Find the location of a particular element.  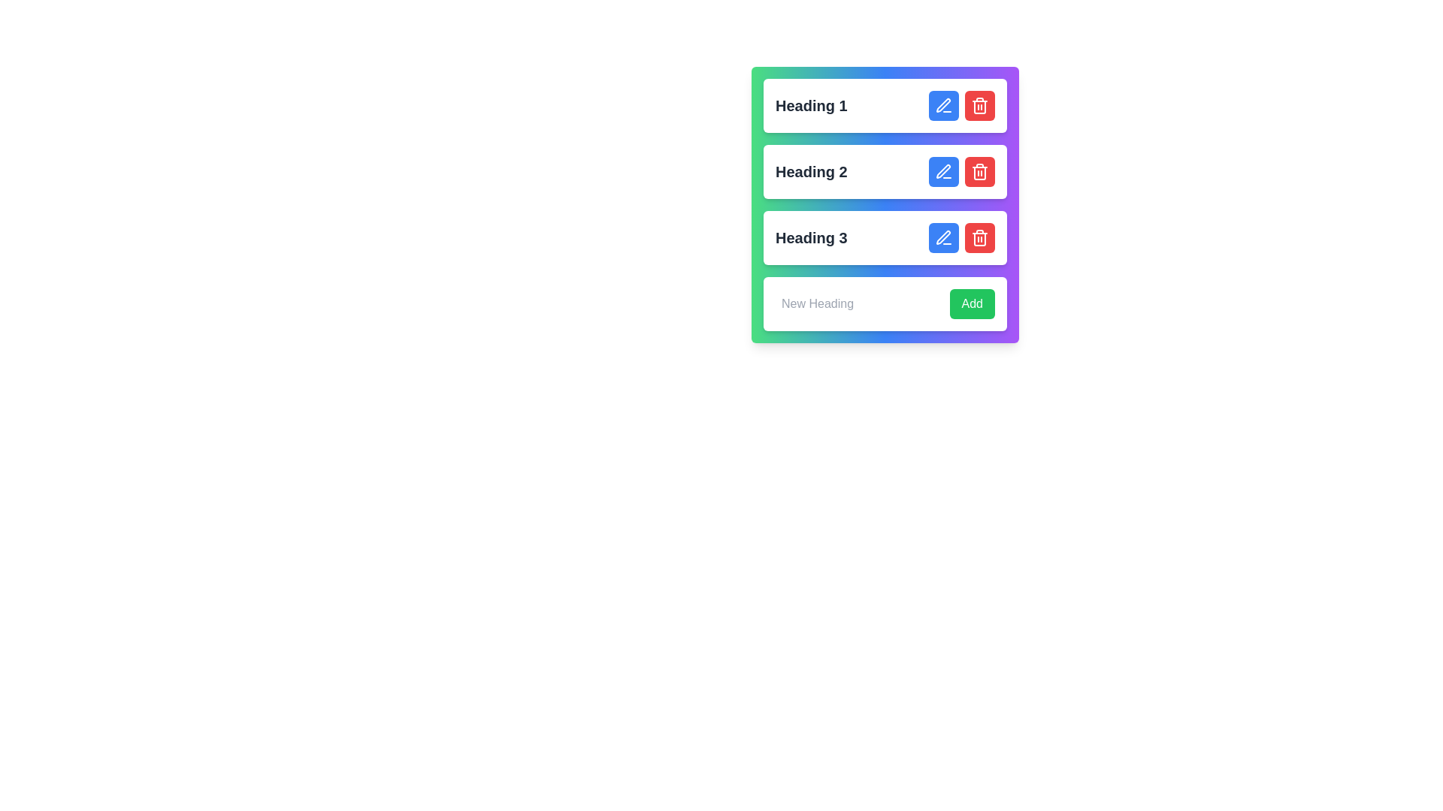

the blue button in the control group for managing the 'Heading 2' entry is located at coordinates (962, 170).